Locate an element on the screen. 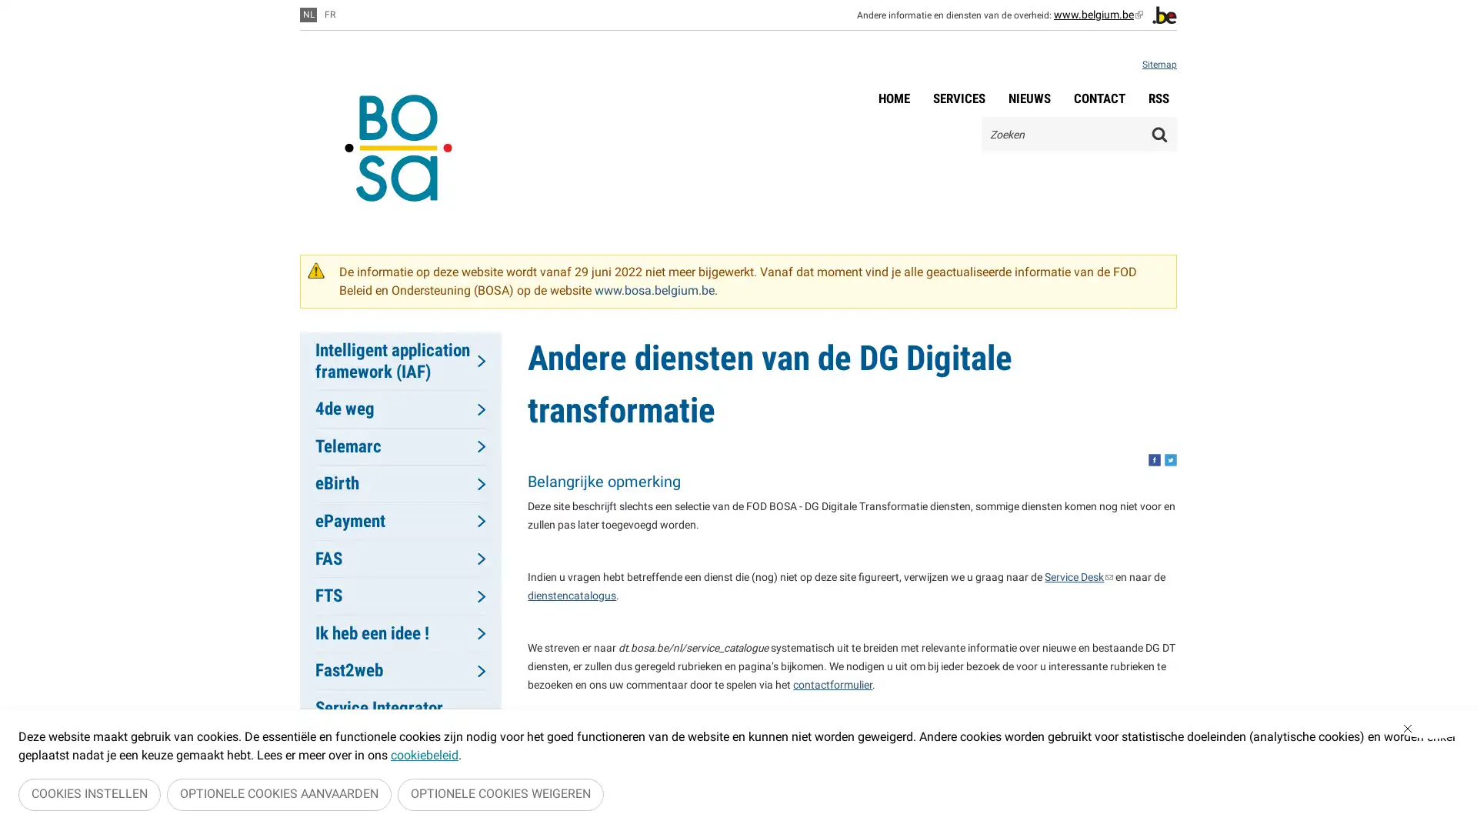  Sluiten is located at coordinates (1432, 731).